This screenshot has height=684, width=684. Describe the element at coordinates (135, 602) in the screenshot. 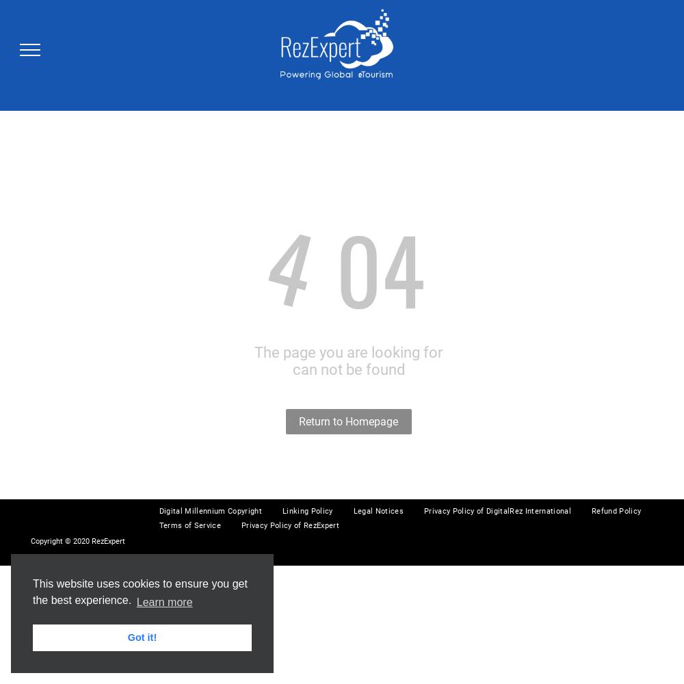

I see `'Learn more'` at that location.